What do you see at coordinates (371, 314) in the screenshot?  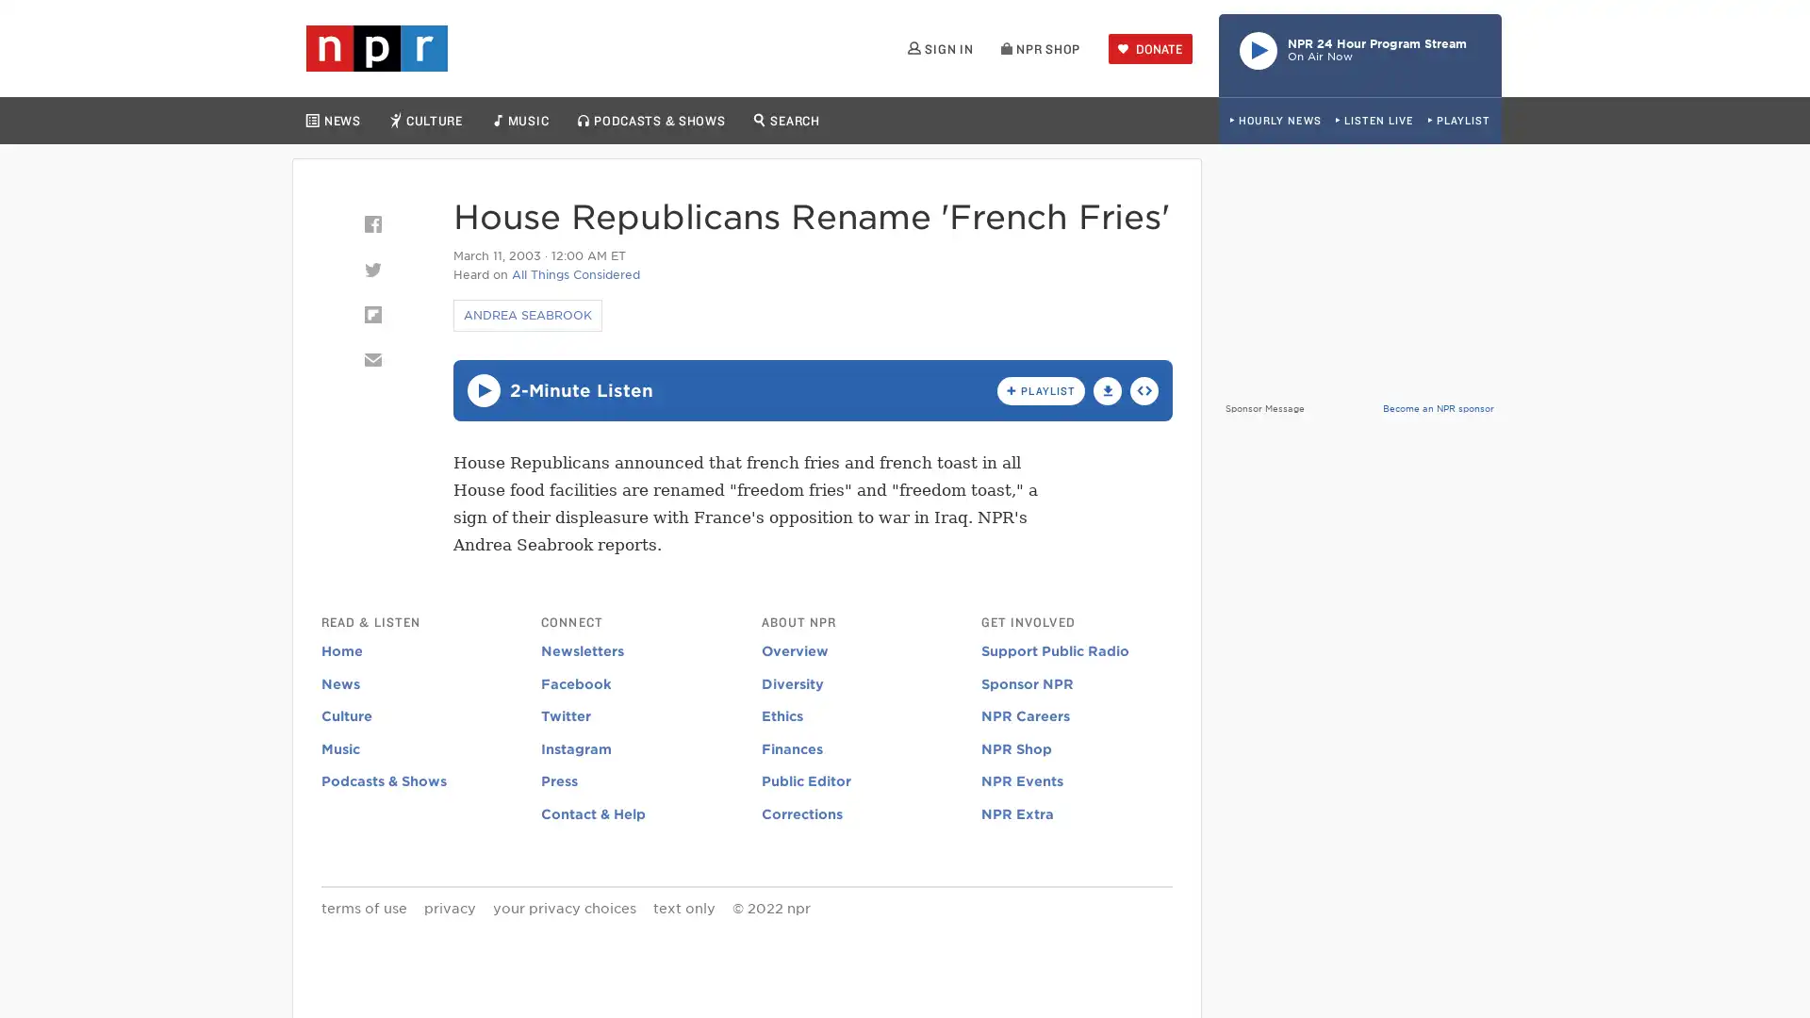 I see `Flipboard` at bounding box center [371, 314].